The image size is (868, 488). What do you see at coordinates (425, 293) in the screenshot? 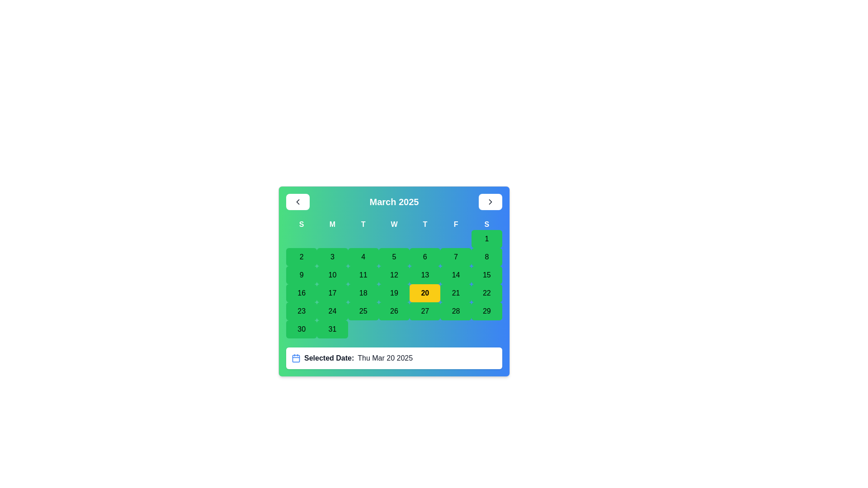
I see `the rectangular button with a bright yellow background and bold black text displaying '20'` at bounding box center [425, 293].